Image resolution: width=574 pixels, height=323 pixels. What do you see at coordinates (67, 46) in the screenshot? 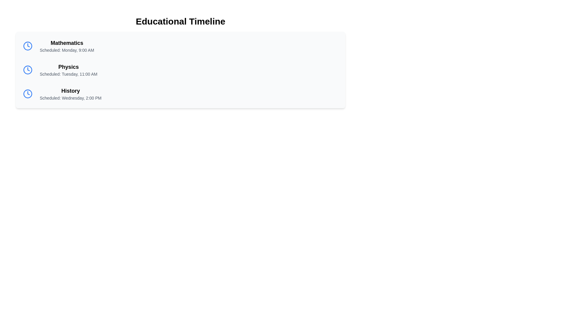
I see `the text-based display component showing the scheduled class 'Mathematics' and its timing 'Monday, 9:00 AM' to view context menu options` at bounding box center [67, 46].